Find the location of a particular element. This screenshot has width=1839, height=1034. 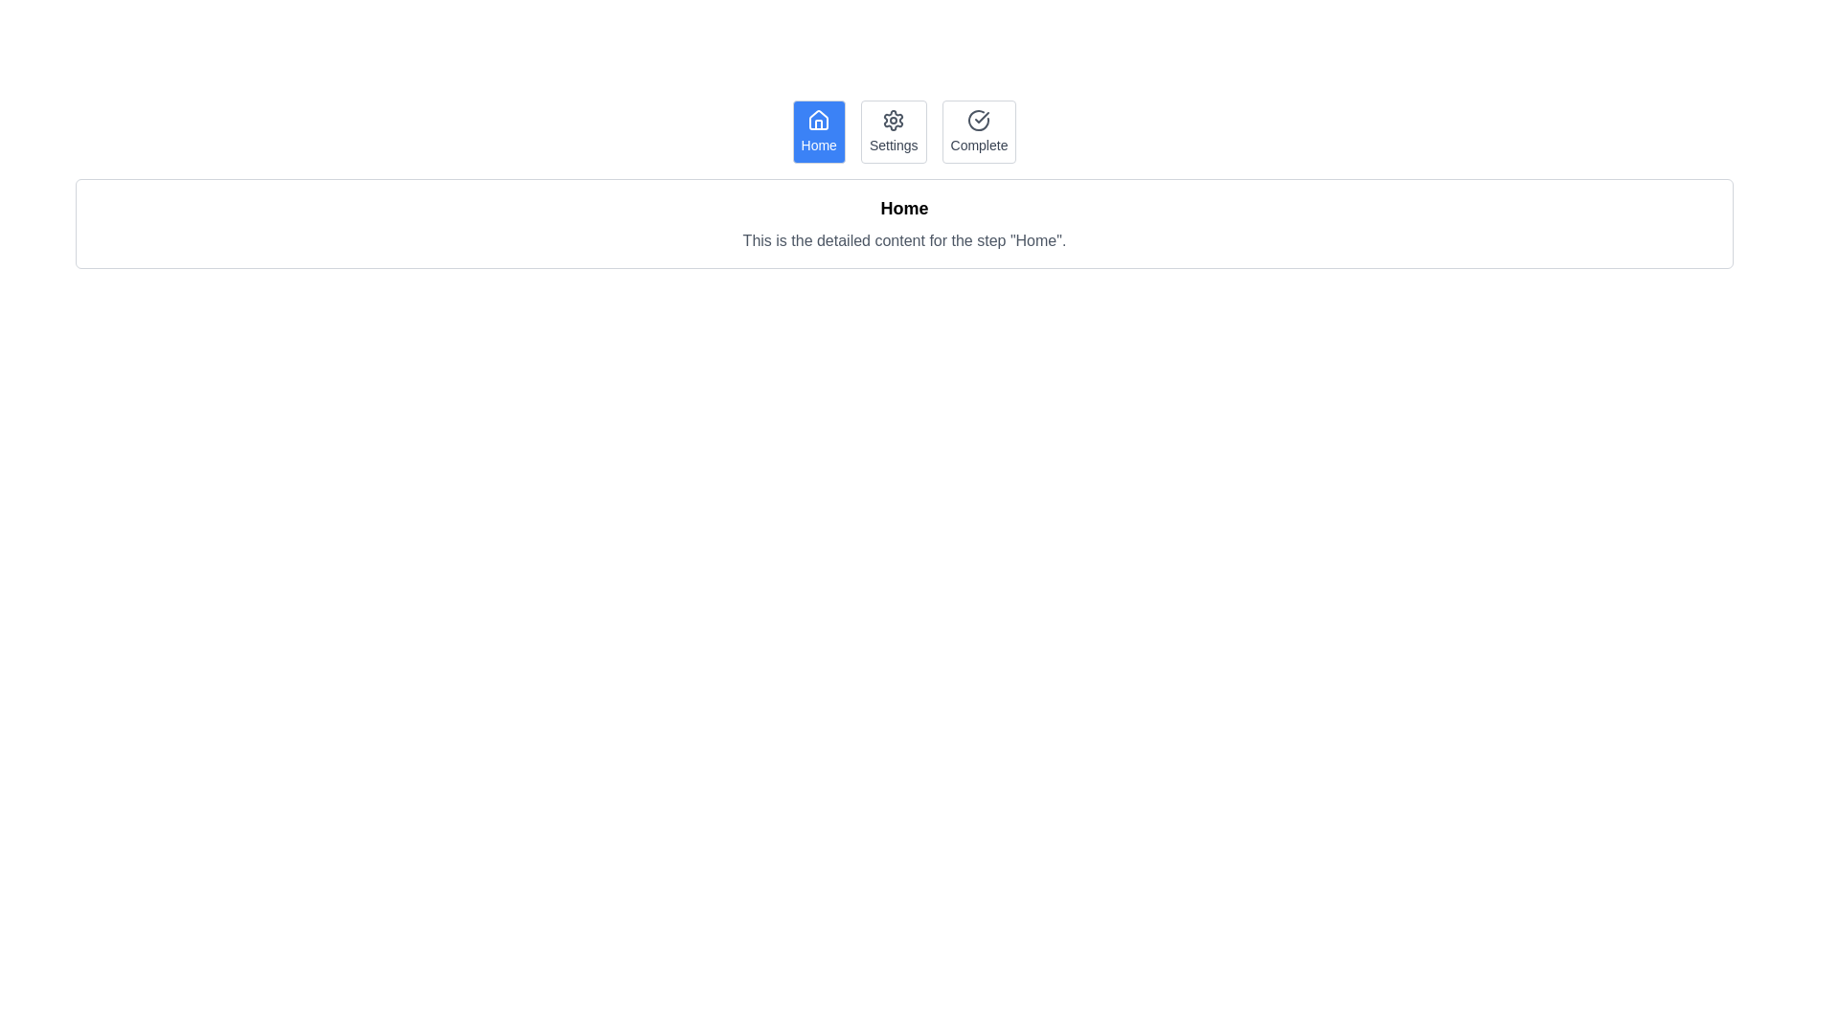

the completed status icon located in the upper portion of the 'Complete' menu option to indicate a successful action is located at coordinates (979, 121).